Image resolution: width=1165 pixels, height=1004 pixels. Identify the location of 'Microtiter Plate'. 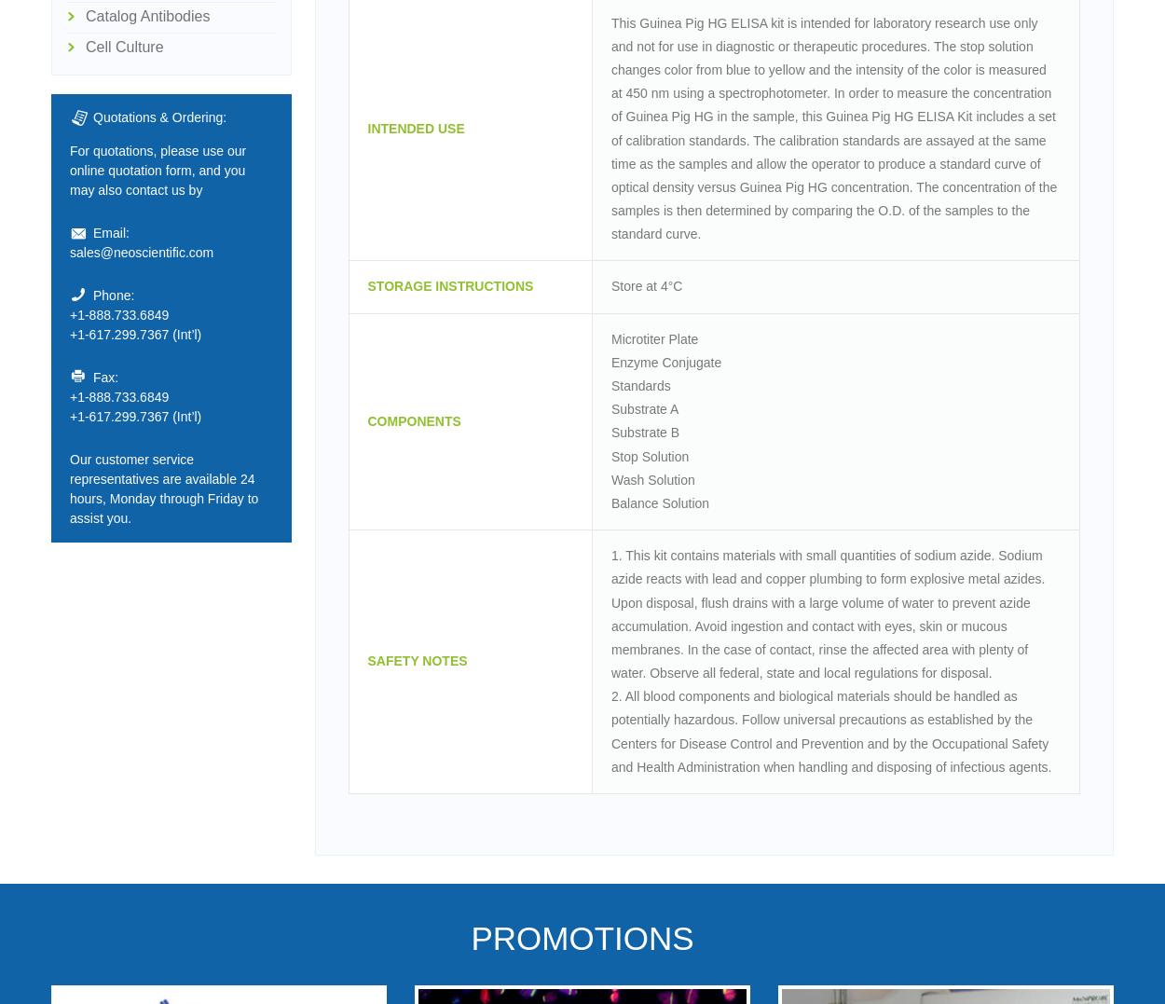
(610, 337).